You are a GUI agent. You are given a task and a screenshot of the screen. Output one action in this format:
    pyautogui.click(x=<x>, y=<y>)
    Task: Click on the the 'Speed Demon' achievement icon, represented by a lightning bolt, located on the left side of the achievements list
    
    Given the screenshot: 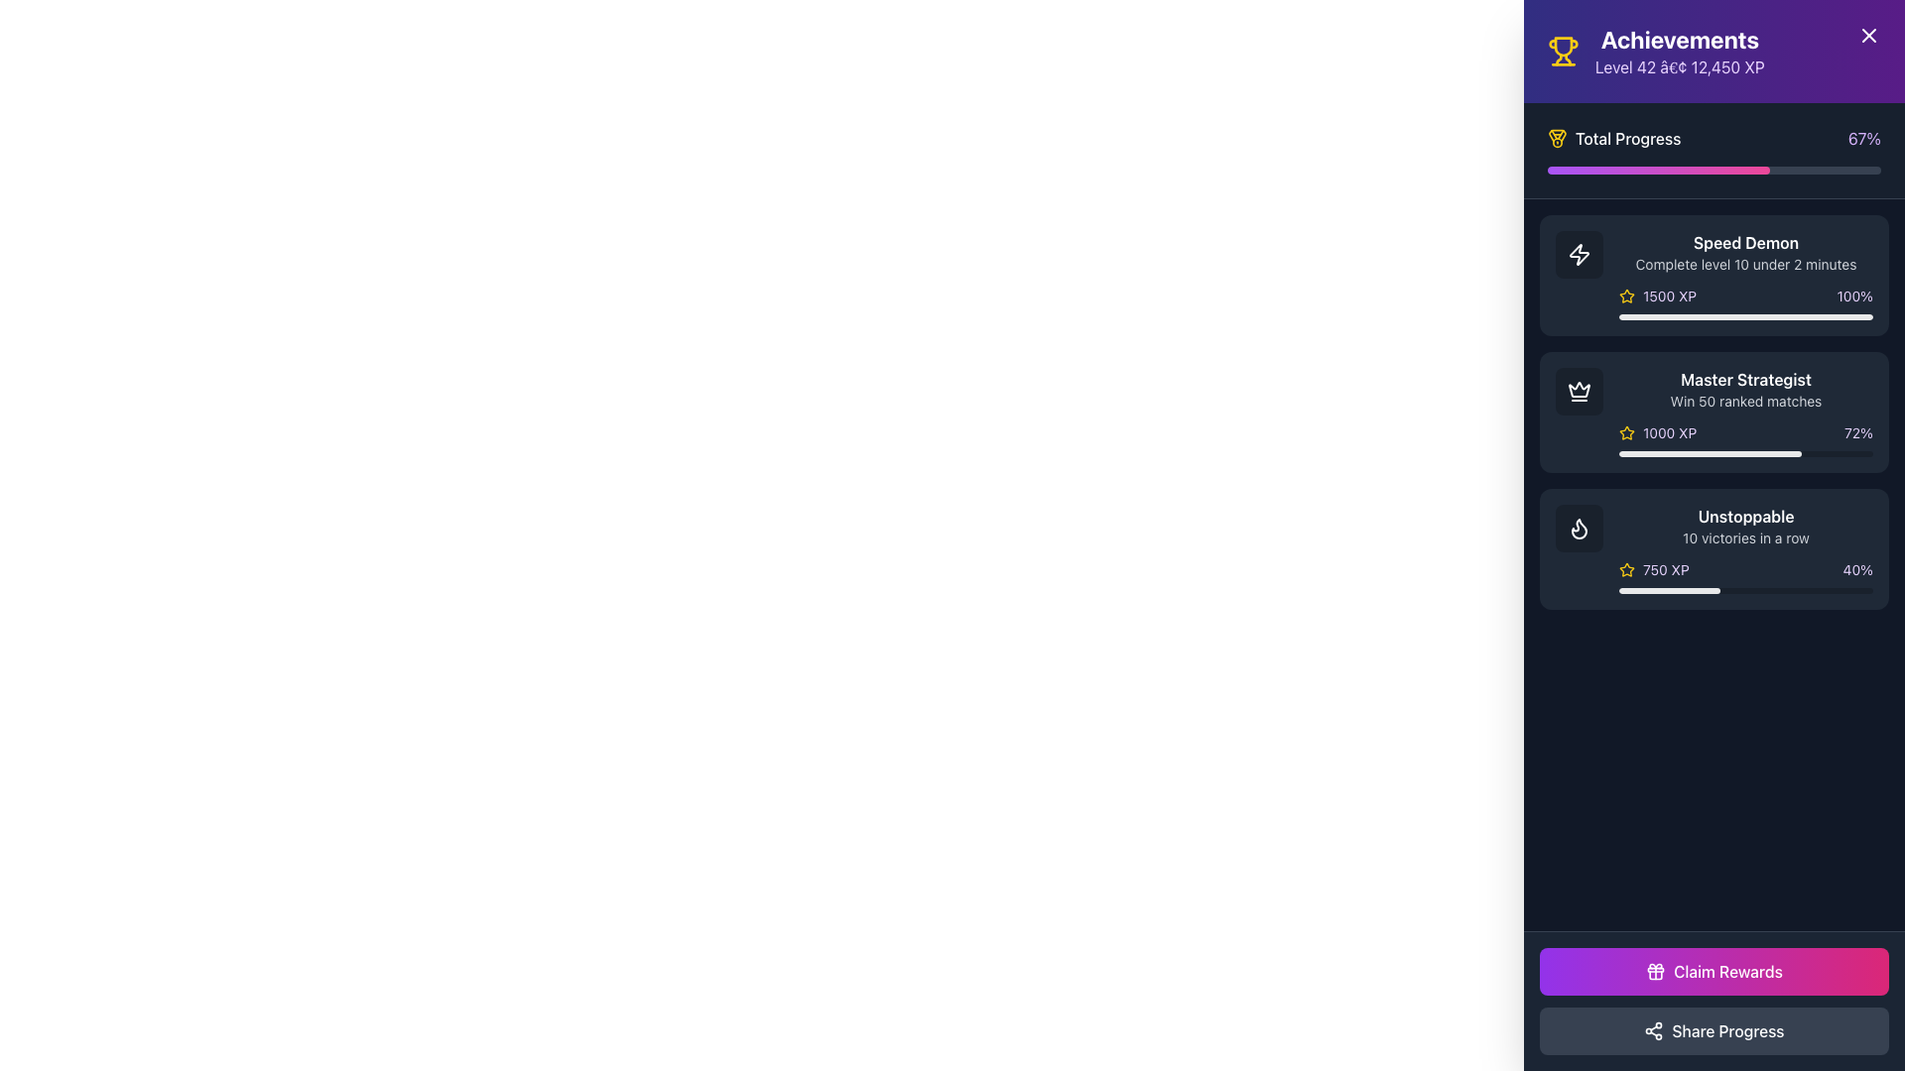 What is the action you would take?
    pyautogui.click(x=1579, y=254)
    